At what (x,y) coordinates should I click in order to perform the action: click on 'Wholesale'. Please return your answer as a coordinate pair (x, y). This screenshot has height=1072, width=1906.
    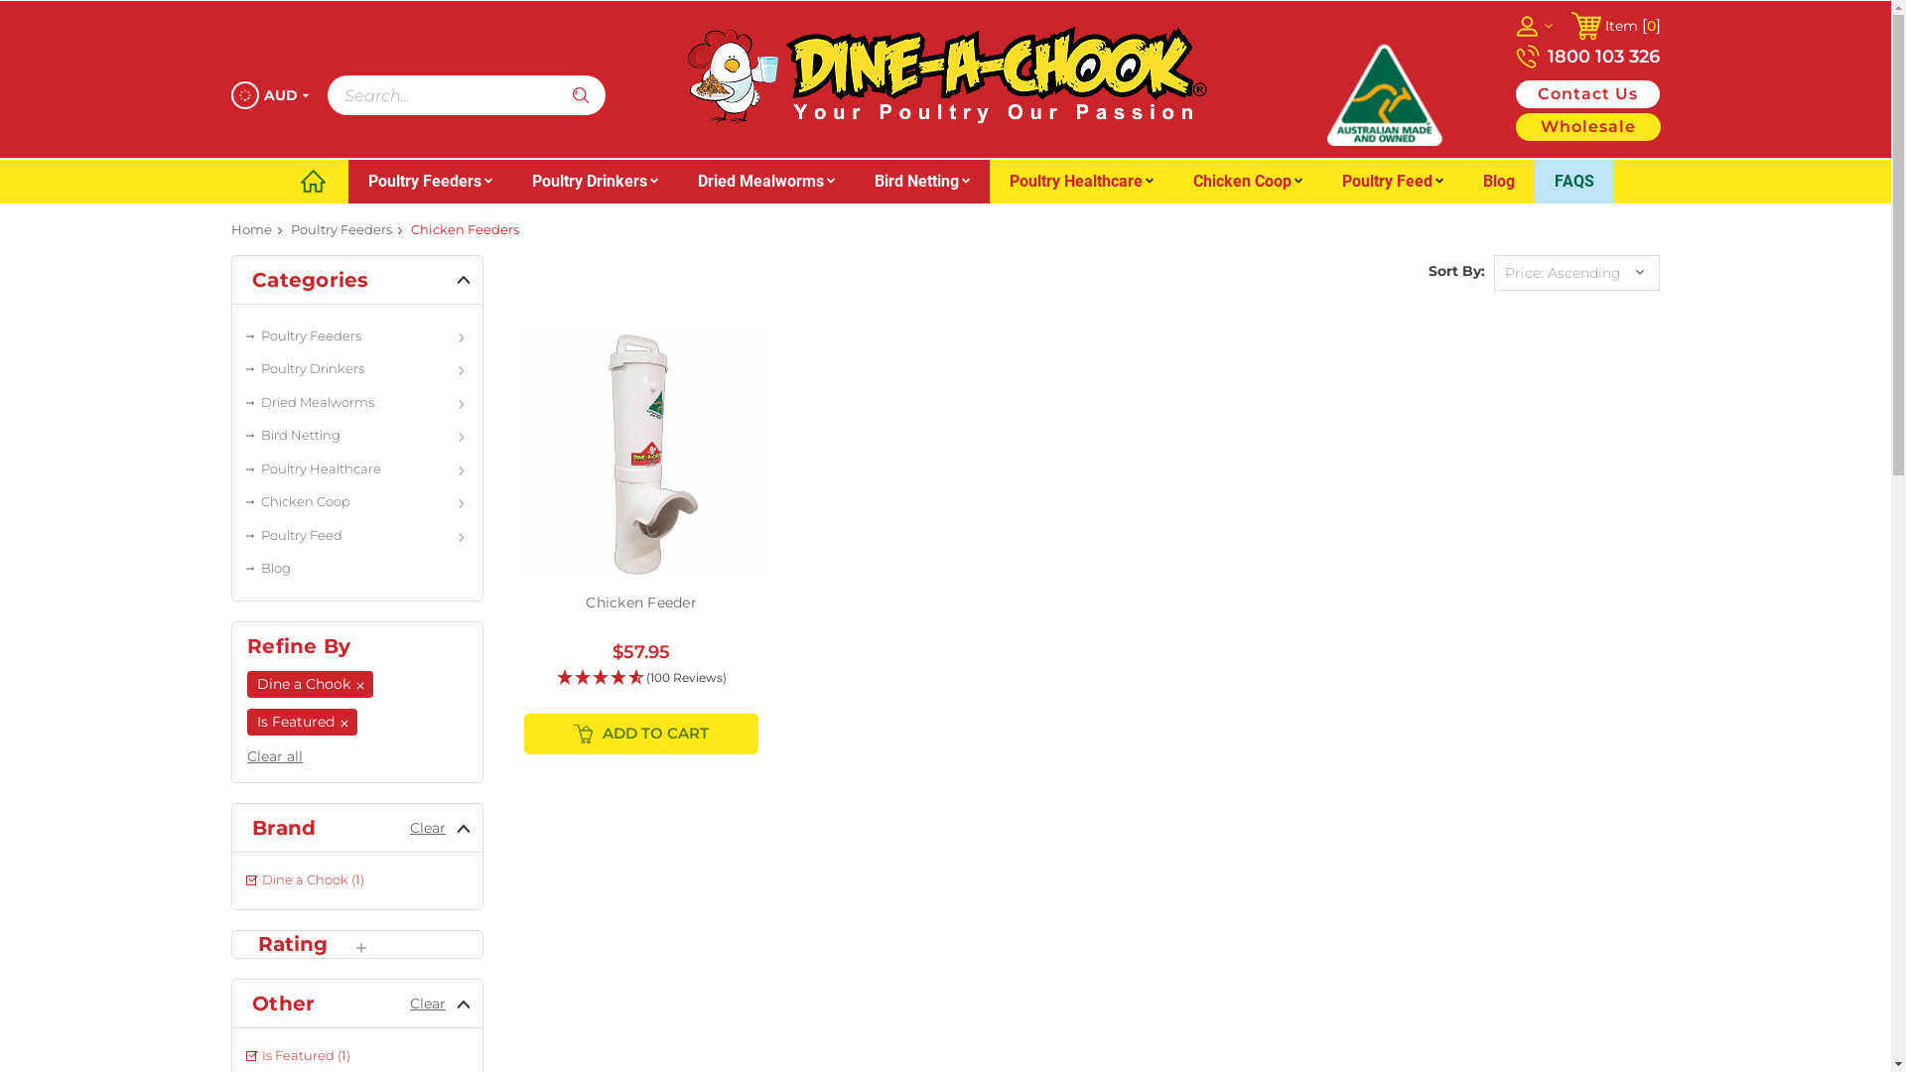
    Looking at the image, I should click on (1585, 126).